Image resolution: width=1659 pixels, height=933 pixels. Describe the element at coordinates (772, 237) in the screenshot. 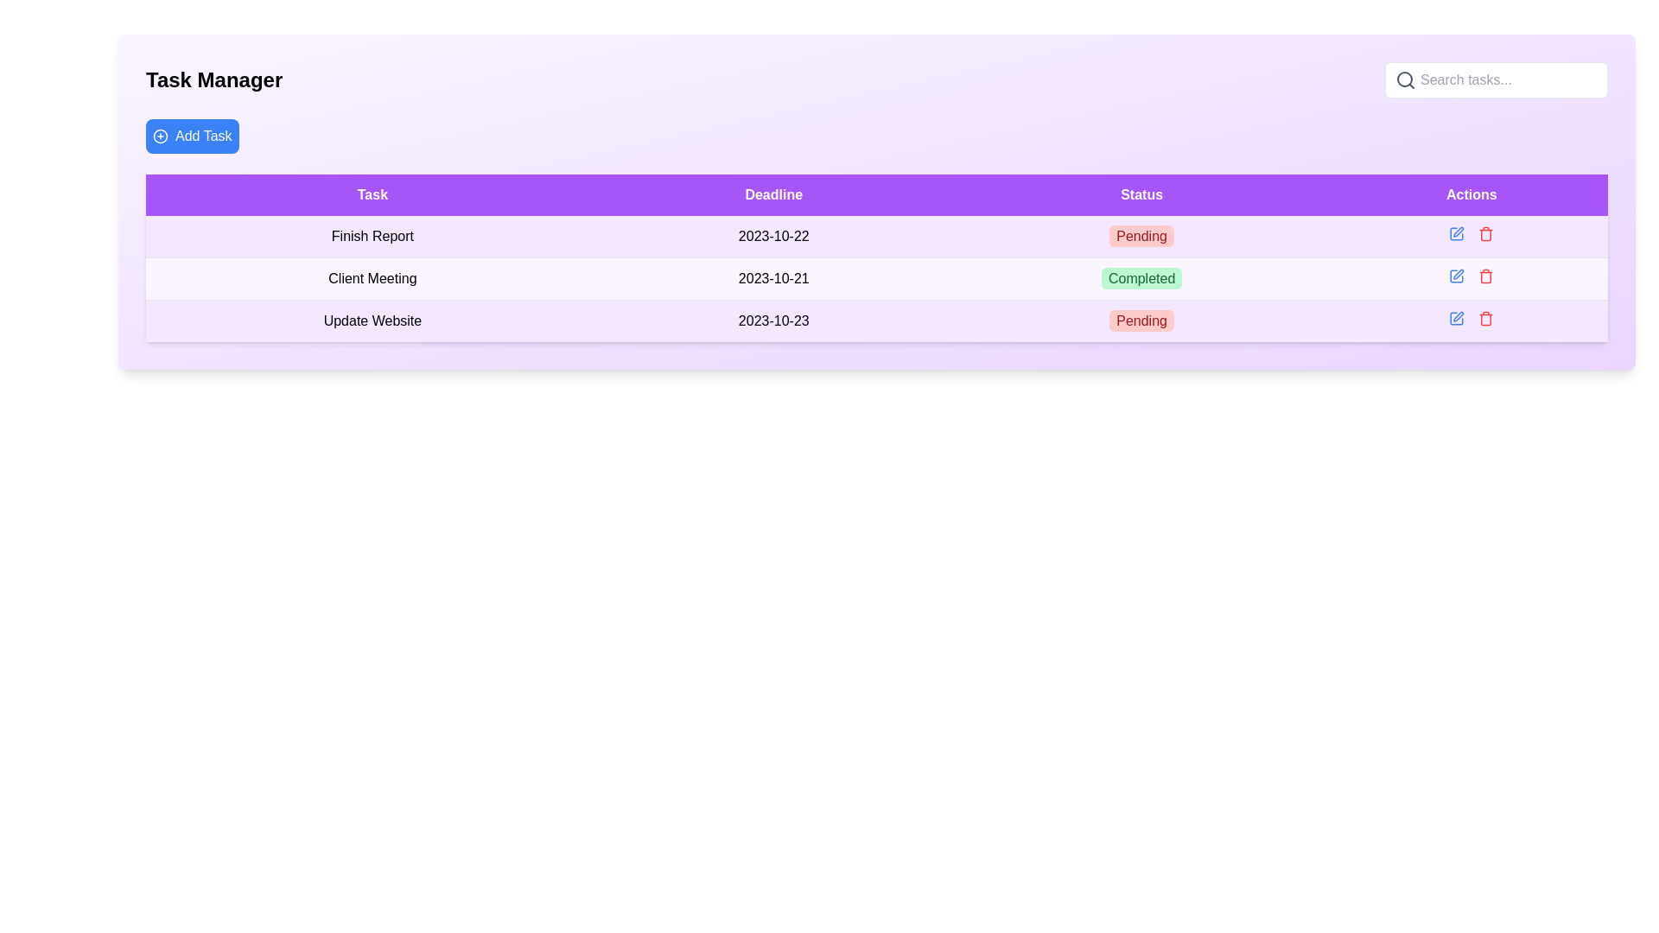

I see `displayed date '2023-10-22' from the Text label located in the second row of the table under the 'Deadline' column, which is centered between the task name 'Finish Report' and the status 'Pending'` at that location.